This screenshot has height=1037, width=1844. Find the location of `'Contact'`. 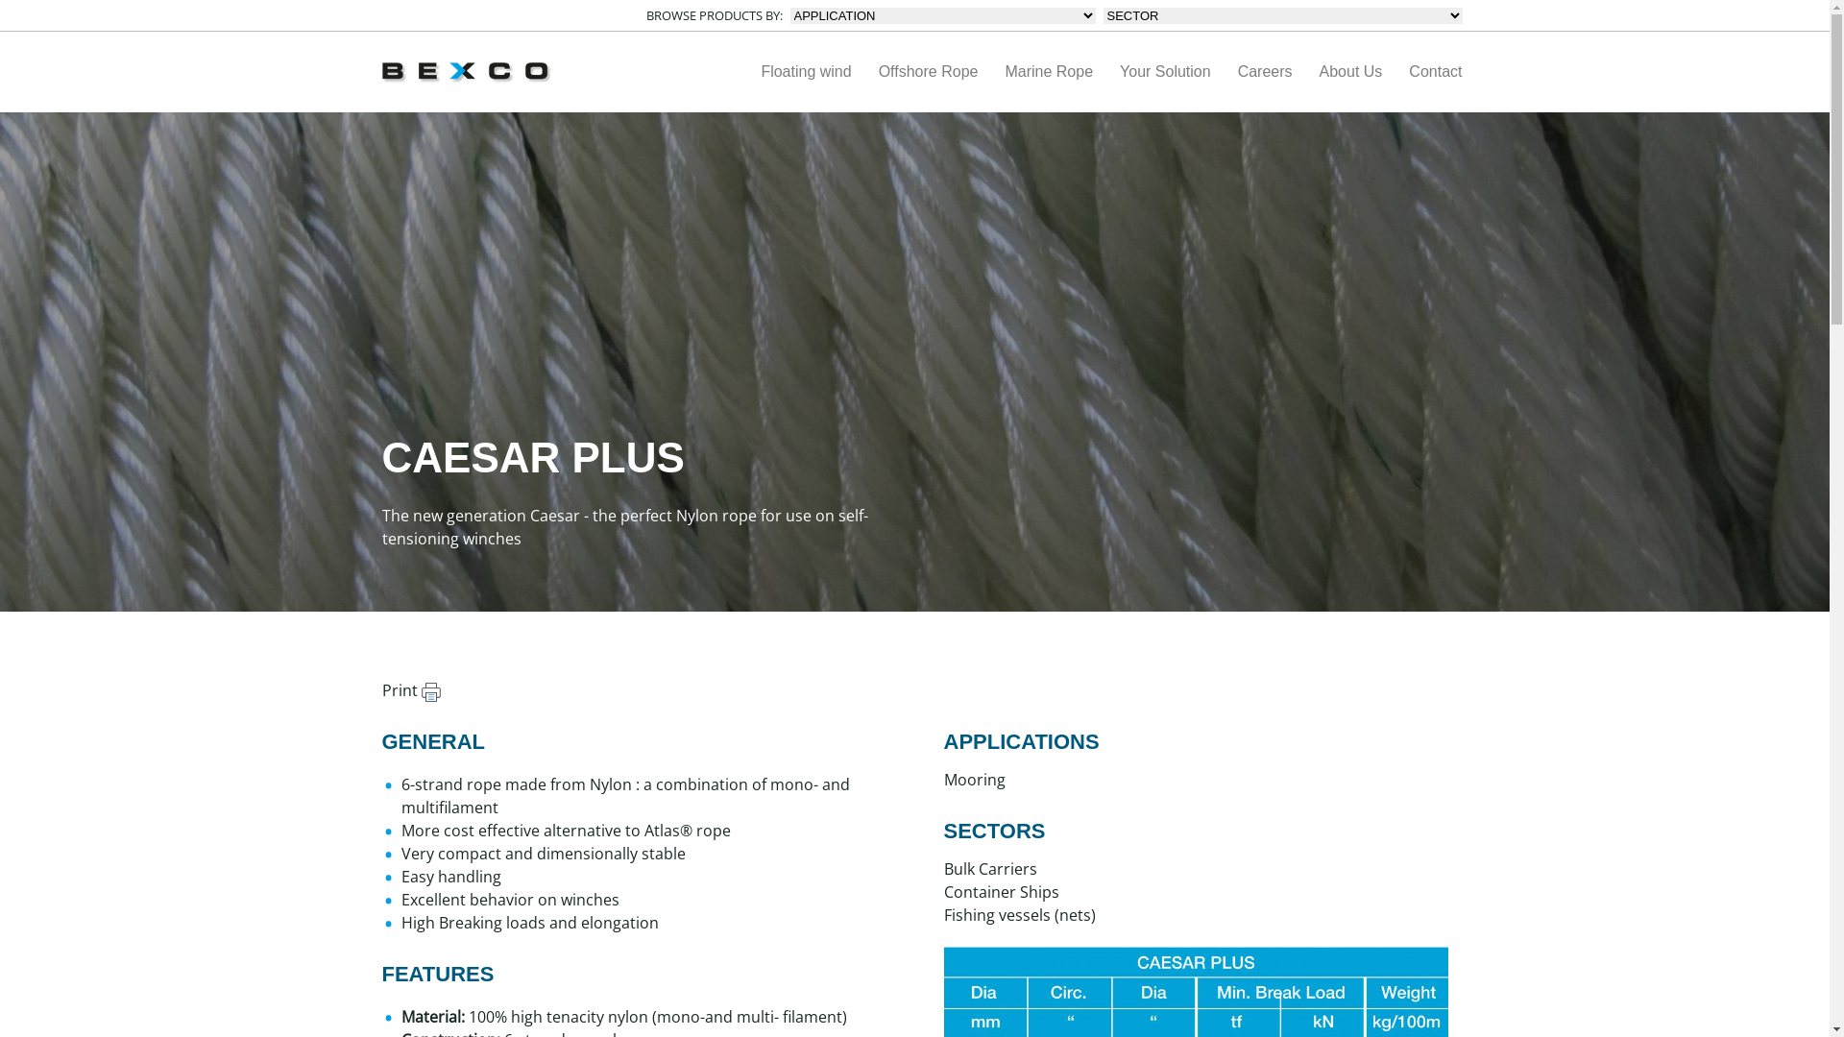

'Contact' is located at coordinates (1435, 70).